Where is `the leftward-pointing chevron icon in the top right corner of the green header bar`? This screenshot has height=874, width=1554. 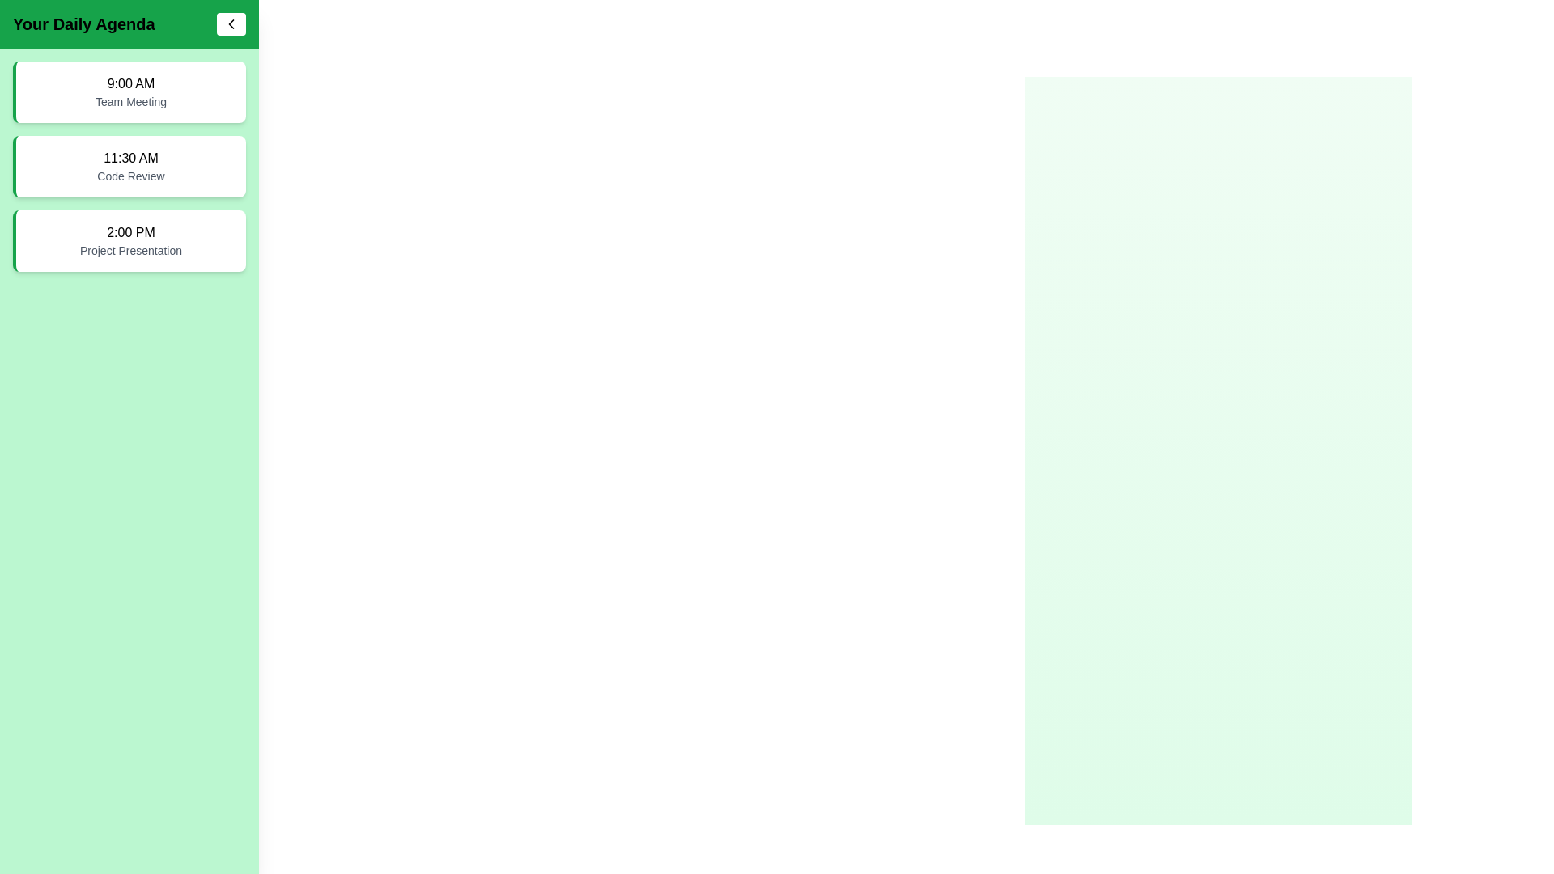 the leftward-pointing chevron icon in the top right corner of the green header bar is located at coordinates (231, 24).